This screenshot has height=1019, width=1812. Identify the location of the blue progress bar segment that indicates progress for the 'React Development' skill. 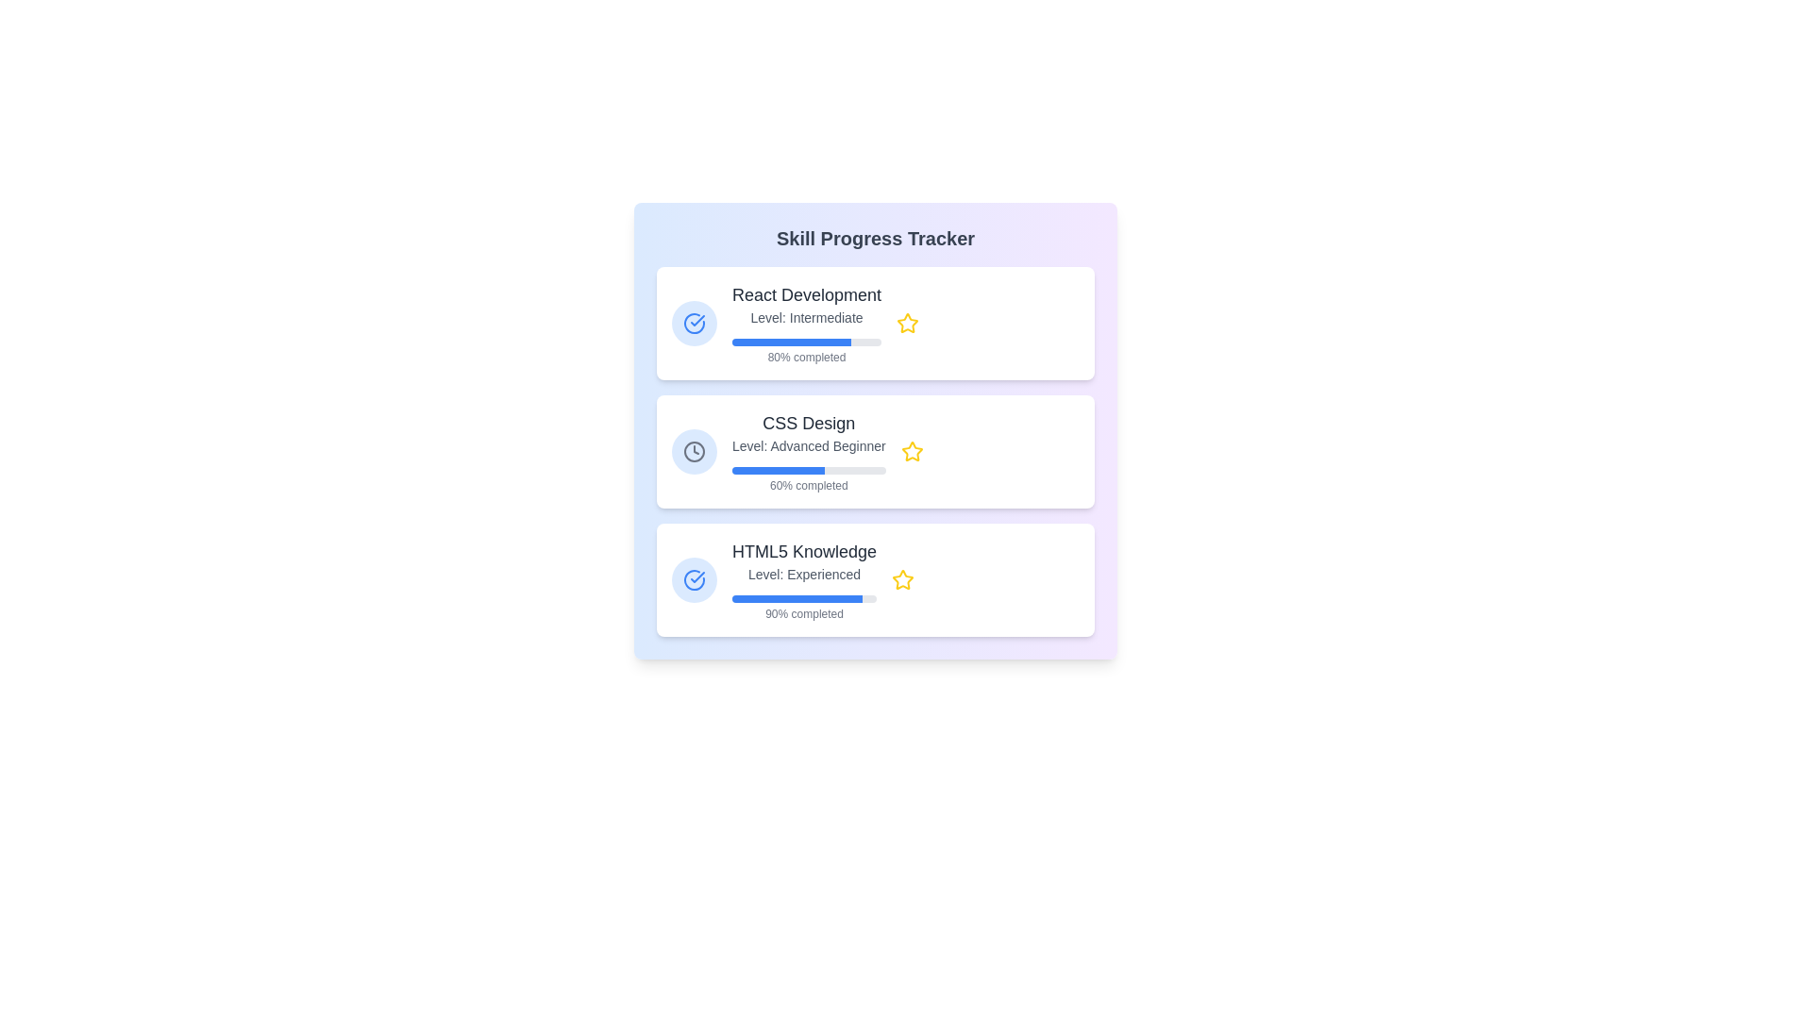
(792, 342).